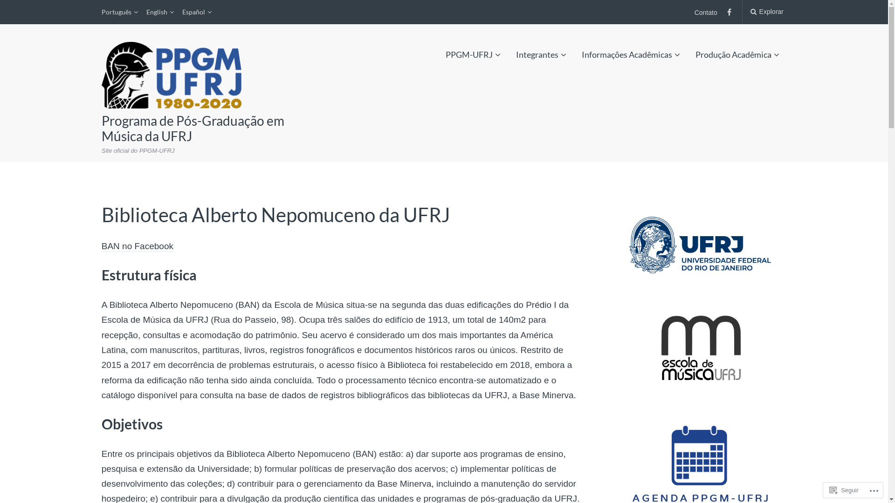 The image size is (895, 503). What do you see at coordinates (160, 12) in the screenshot?
I see `'English'` at bounding box center [160, 12].